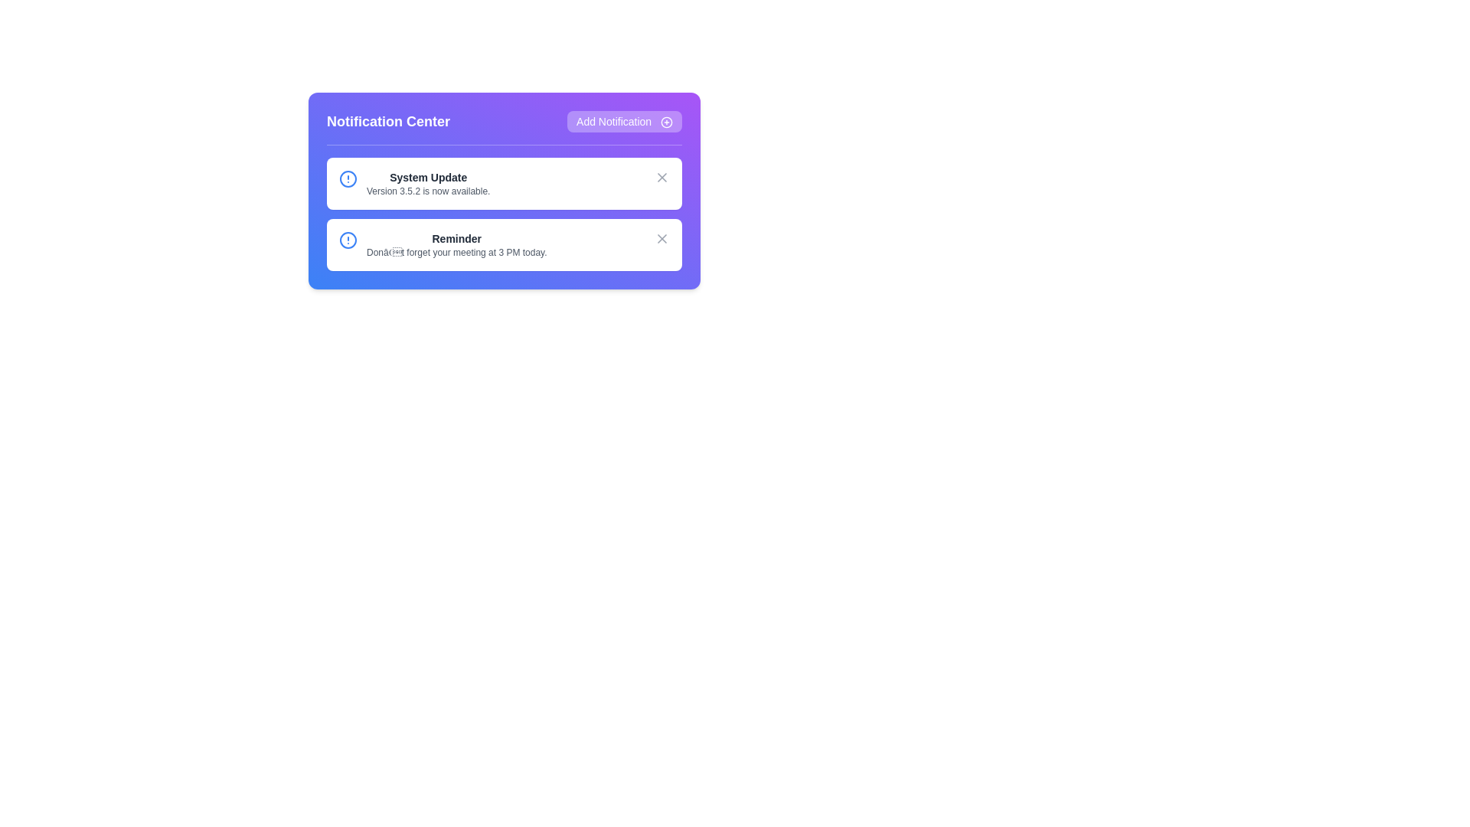 Image resolution: width=1470 pixels, height=827 pixels. Describe the element at coordinates (661, 176) in the screenshot. I see `the small 'X' icon button in the top-right corner of the 'System Update' notification card to change its color to red` at that location.